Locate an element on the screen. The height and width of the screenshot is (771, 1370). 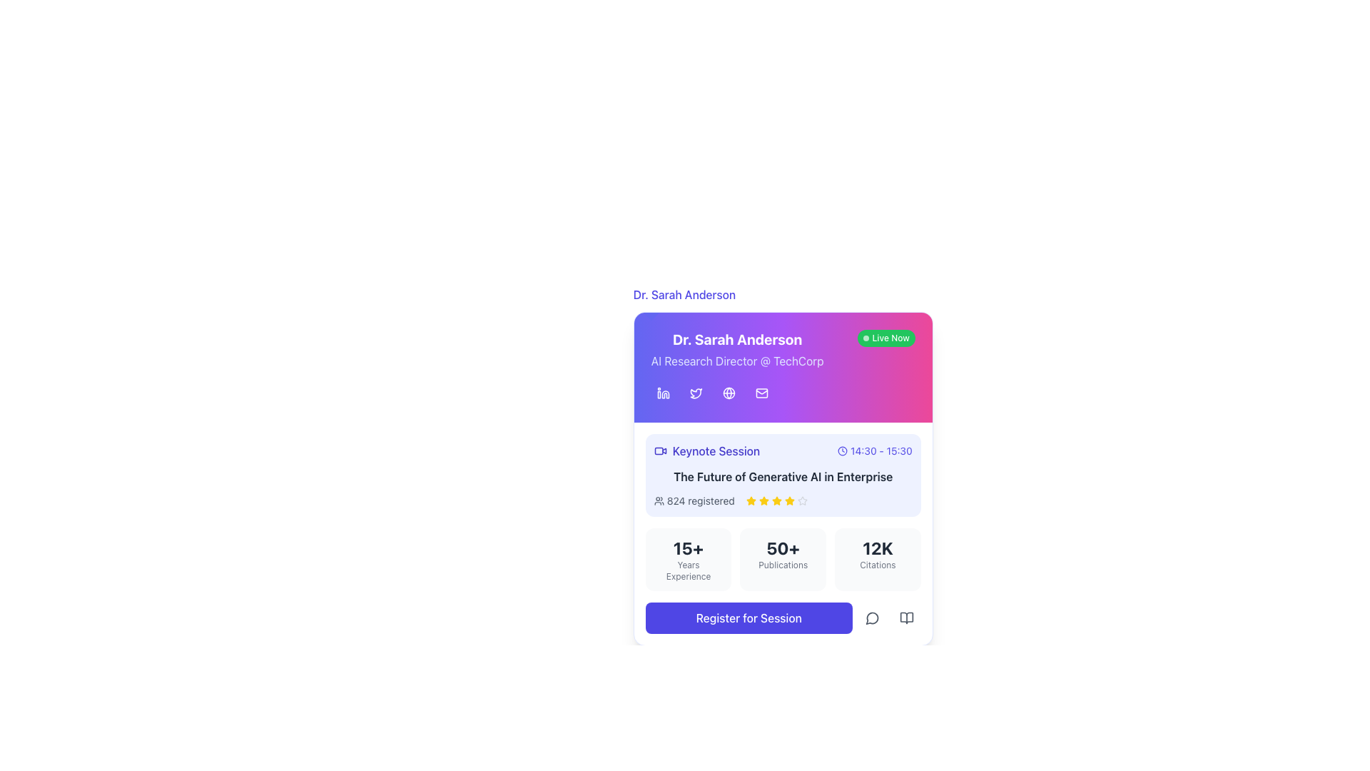
text of the 'Citations' label located beneath the '12K' number in the bottom-right corner of the card layout is located at coordinates (877, 564).